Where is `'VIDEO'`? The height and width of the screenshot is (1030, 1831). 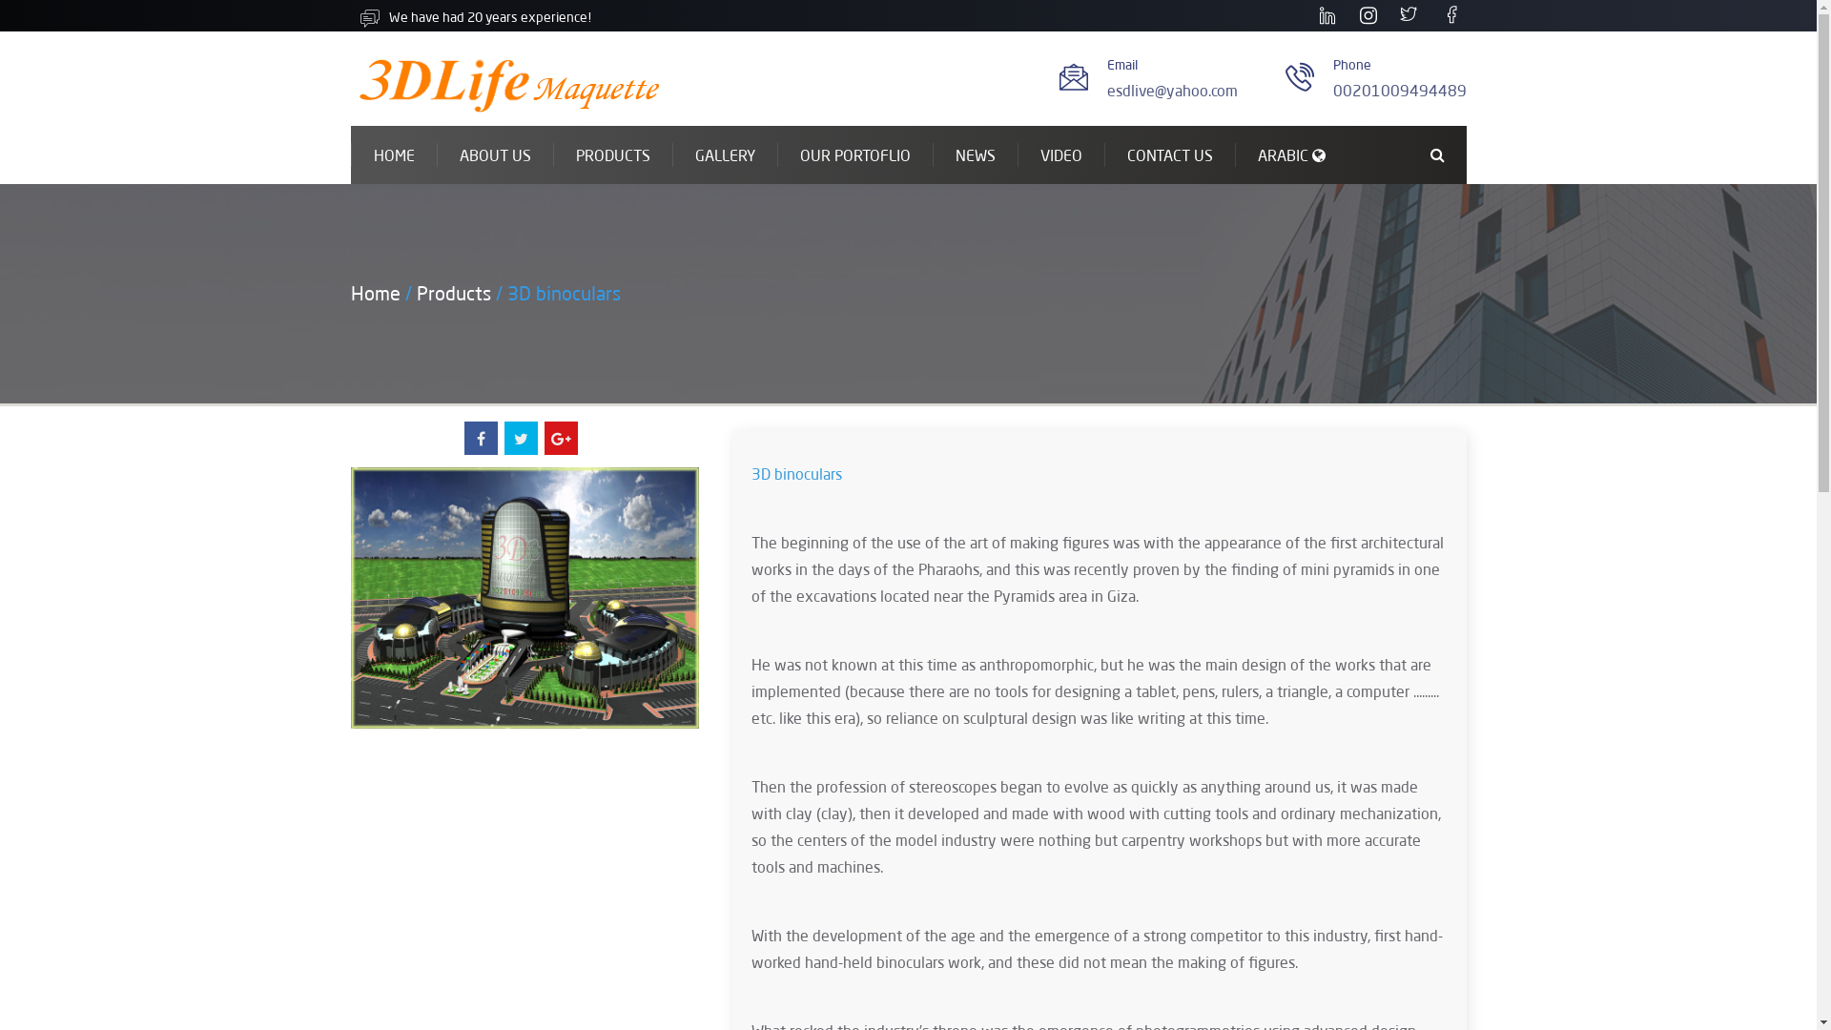
'VIDEO' is located at coordinates (1015, 154).